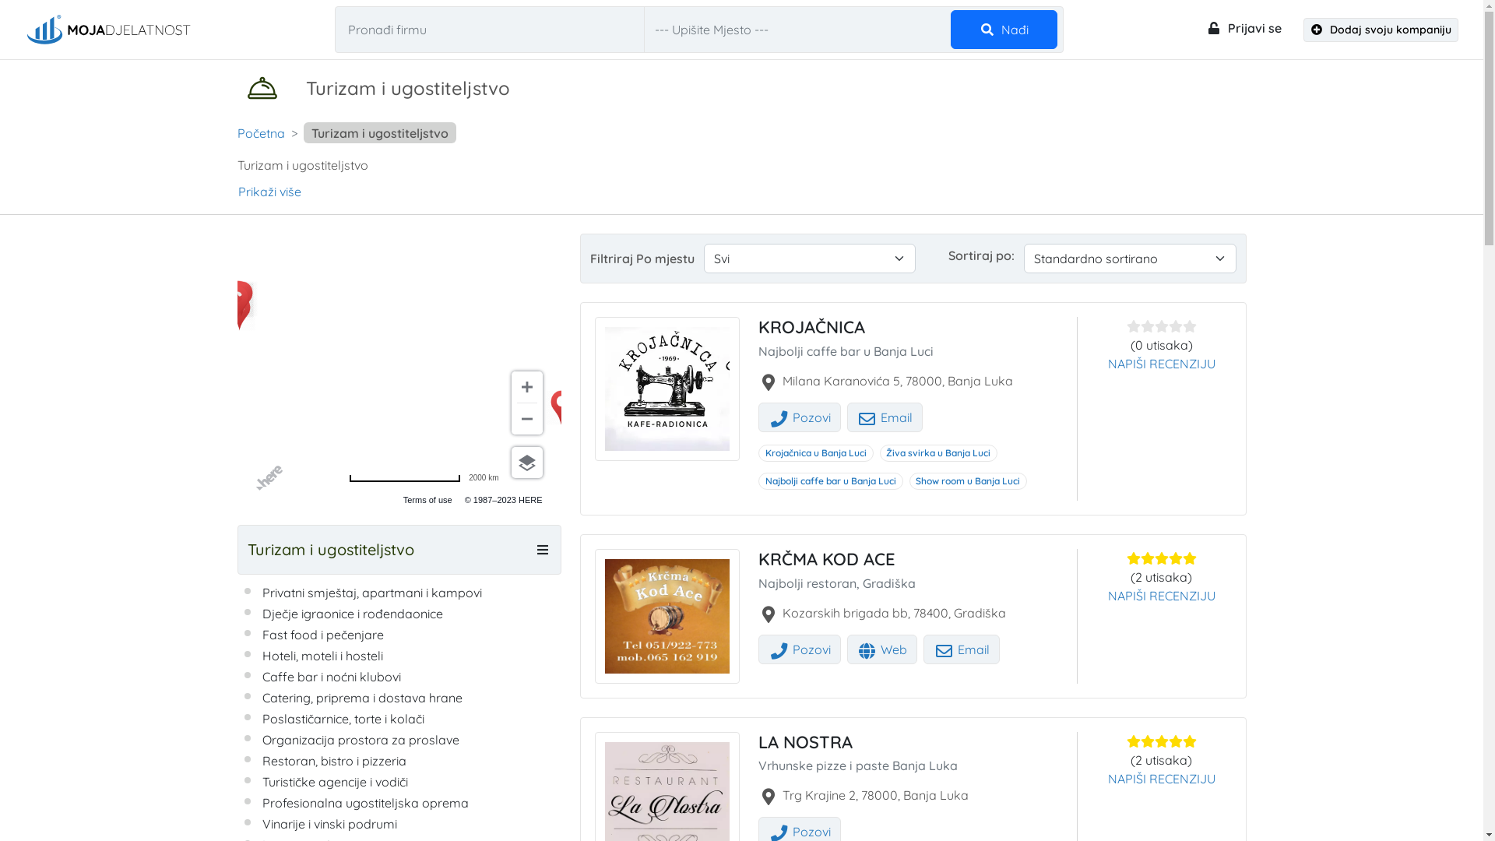 The height and width of the screenshot is (841, 1495). What do you see at coordinates (1242, 27) in the screenshot?
I see `'Prijavi se'` at bounding box center [1242, 27].